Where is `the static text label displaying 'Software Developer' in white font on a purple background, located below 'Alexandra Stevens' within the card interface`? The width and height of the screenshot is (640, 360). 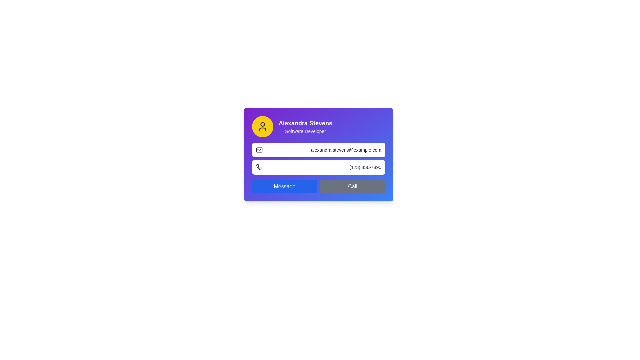 the static text label displaying 'Software Developer' in white font on a purple background, located below 'Alexandra Stevens' within the card interface is located at coordinates (305, 131).